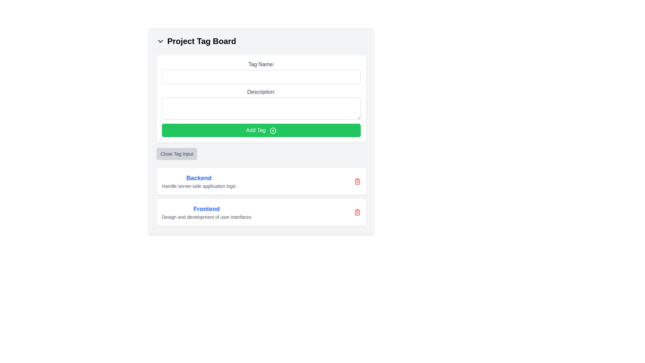  I want to click on the close button located below the 'Add Tag' green button, so click(177, 154).